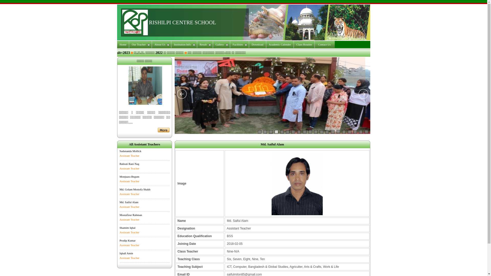 The width and height of the screenshot is (491, 276). What do you see at coordinates (135, 189) in the screenshot?
I see `'Md. Golam Mostofa Shakh'` at bounding box center [135, 189].